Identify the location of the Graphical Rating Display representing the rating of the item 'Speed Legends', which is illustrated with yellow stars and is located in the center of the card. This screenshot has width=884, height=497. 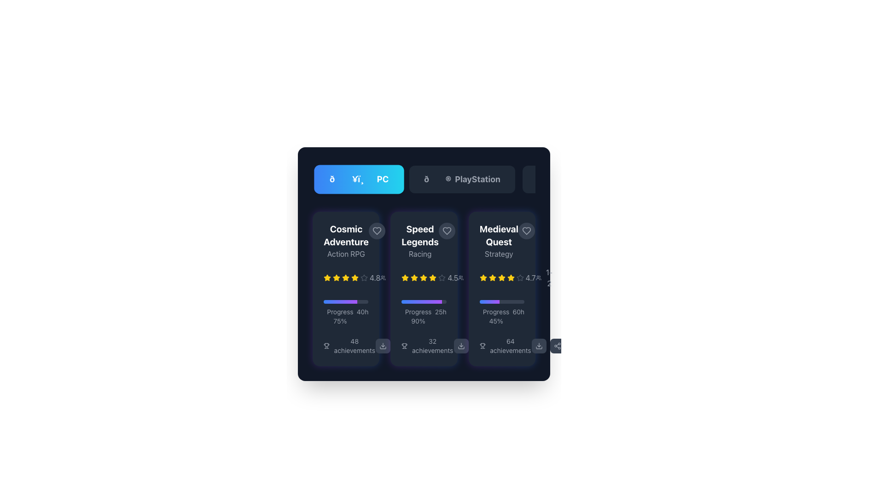
(424, 277).